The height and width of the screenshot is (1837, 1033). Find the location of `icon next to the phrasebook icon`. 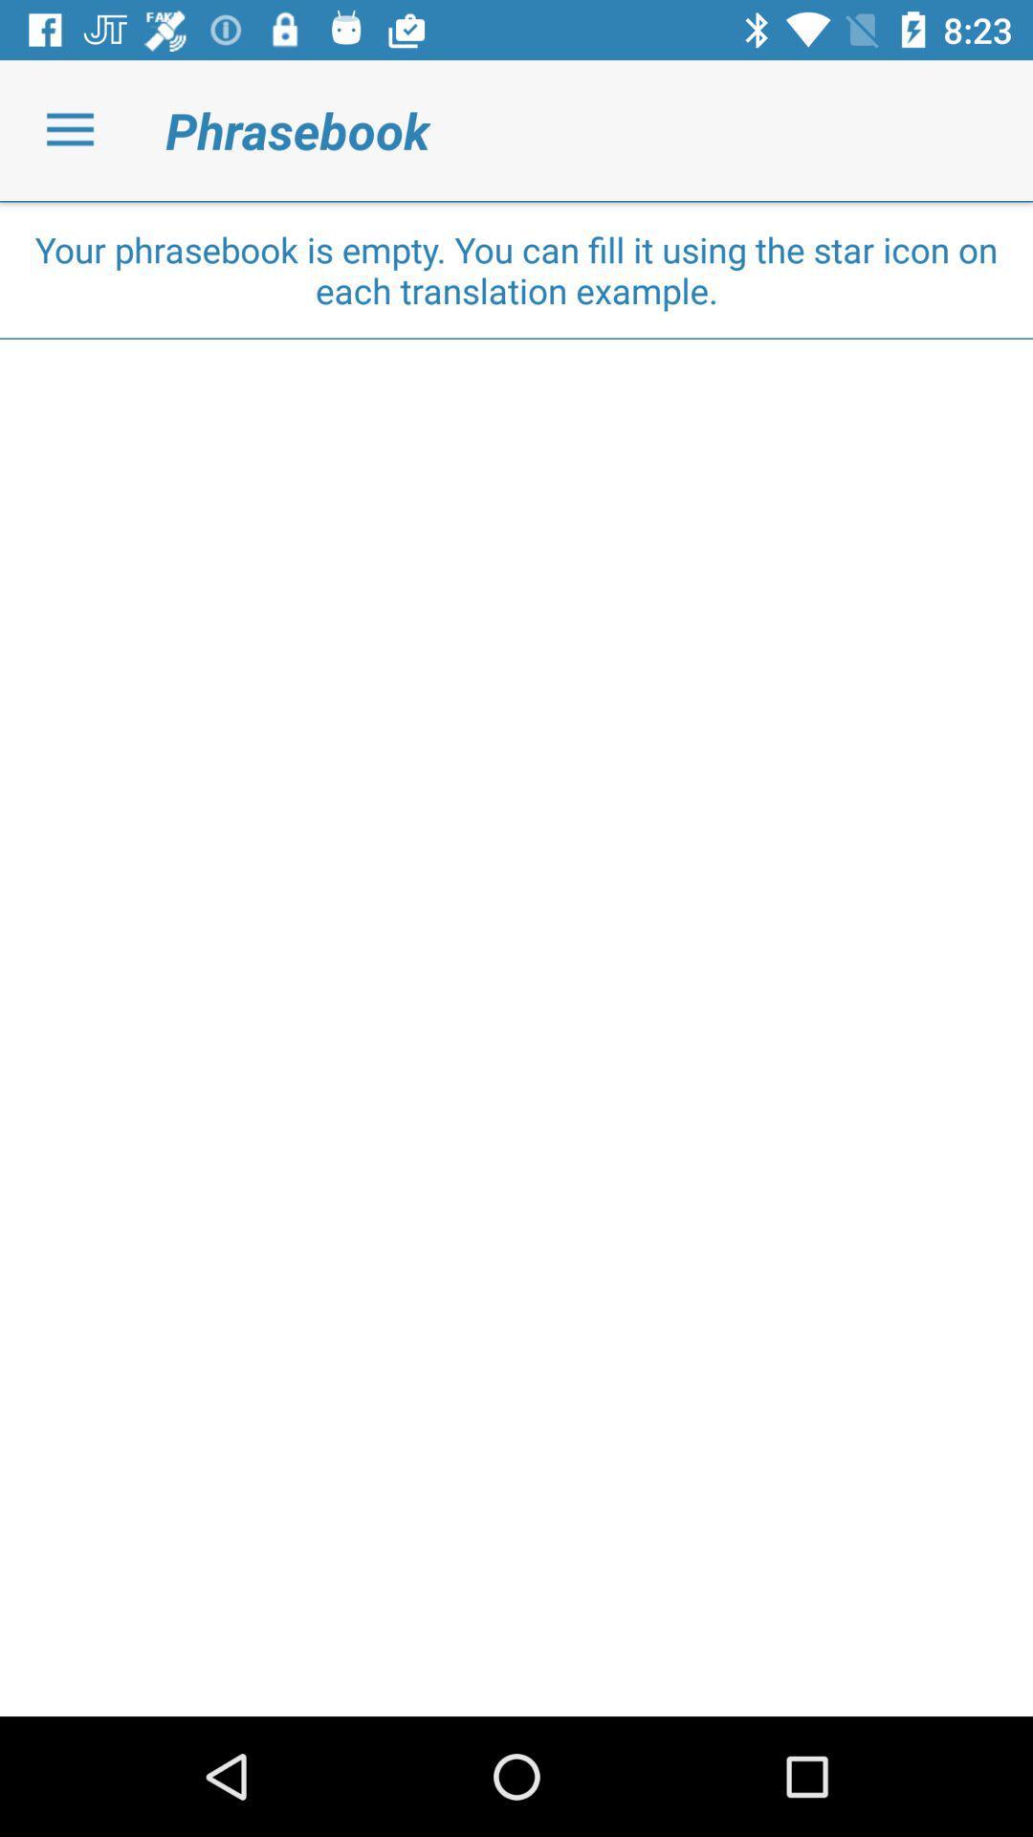

icon next to the phrasebook icon is located at coordinates (69, 129).